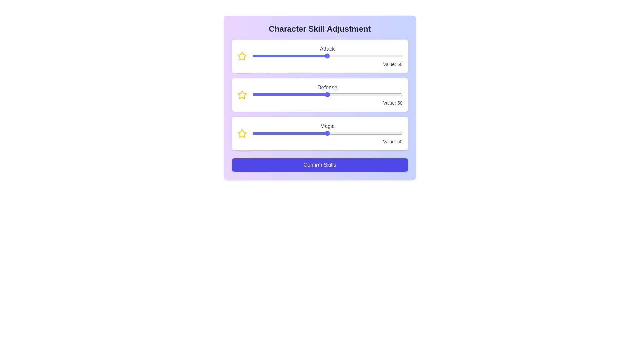 The height and width of the screenshot is (360, 640). I want to click on the 0 slider to 39, so click(356, 56).